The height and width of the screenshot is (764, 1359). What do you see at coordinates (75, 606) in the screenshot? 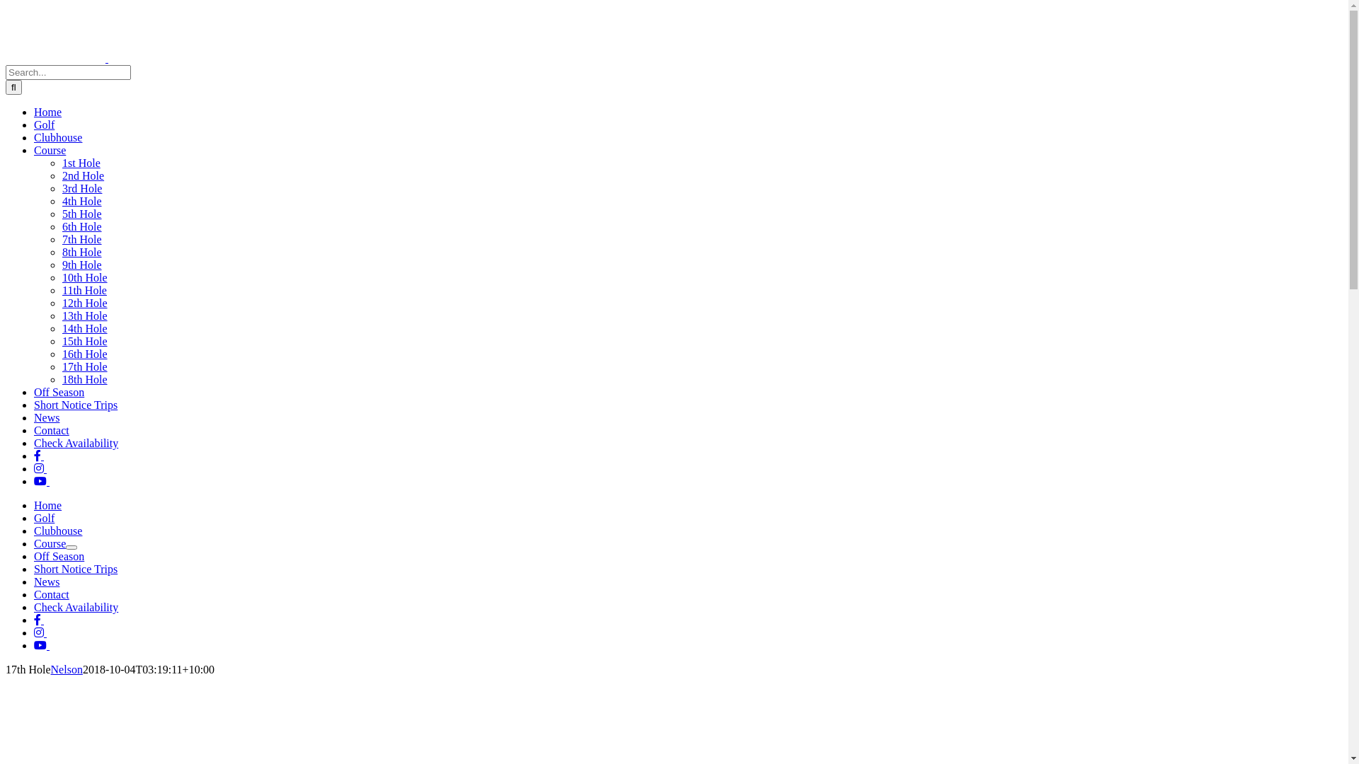
I see `'Check Availability'` at bounding box center [75, 606].